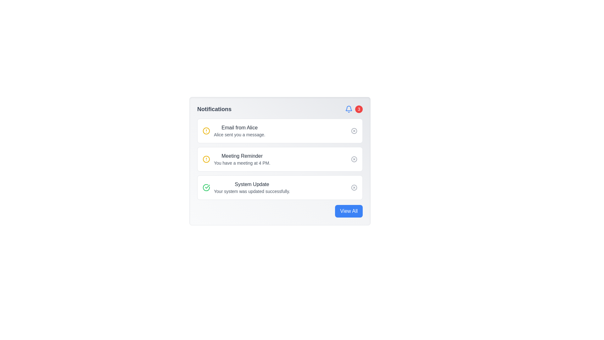 The height and width of the screenshot is (340, 604). Describe the element at coordinates (242, 156) in the screenshot. I see `the 'Meeting Reminder' text label, which is styled with gray color and medium font weight, serving as the header for a notification item in the notifications list` at that location.